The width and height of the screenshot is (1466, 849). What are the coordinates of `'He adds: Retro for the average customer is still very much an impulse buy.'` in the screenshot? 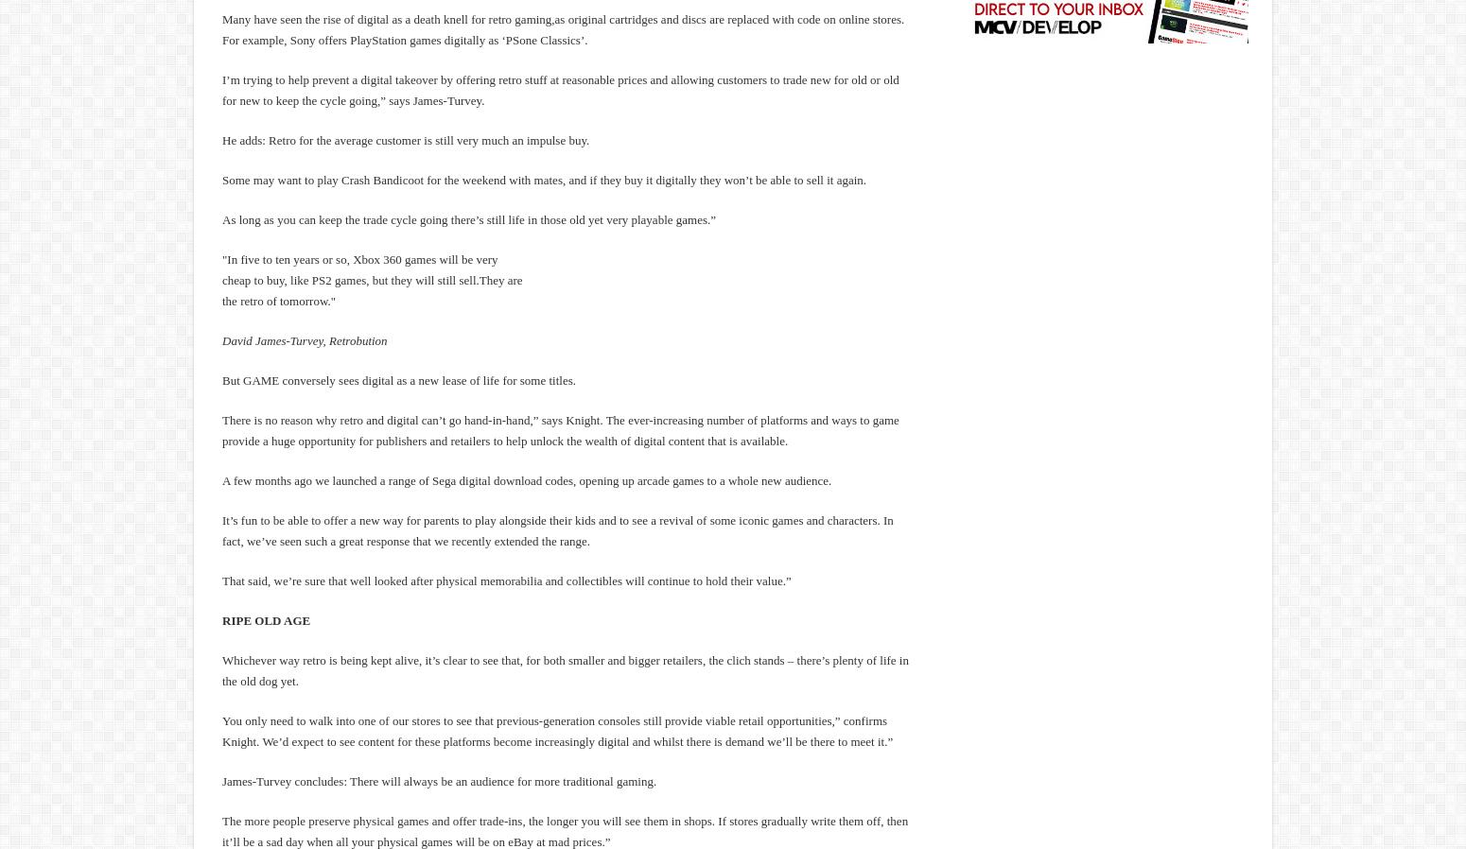 It's located at (221, 139).